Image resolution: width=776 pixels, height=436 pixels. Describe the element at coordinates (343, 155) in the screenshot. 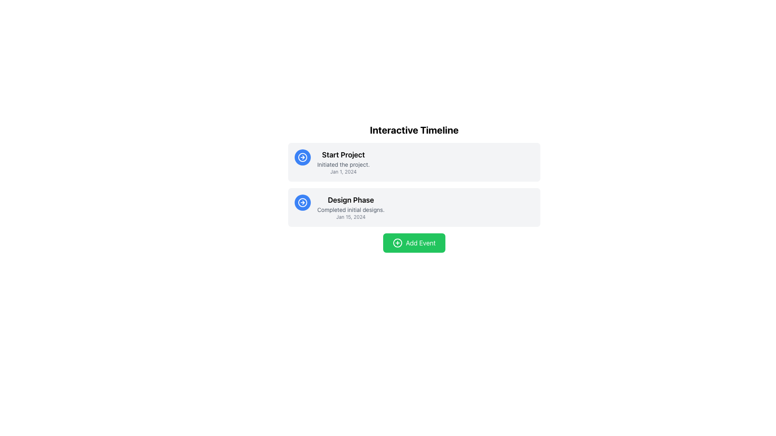

I see `the Text Label that serves as the title of the timeline item, summarizing the key event or task, located in the first card of the timeline list` at that location.